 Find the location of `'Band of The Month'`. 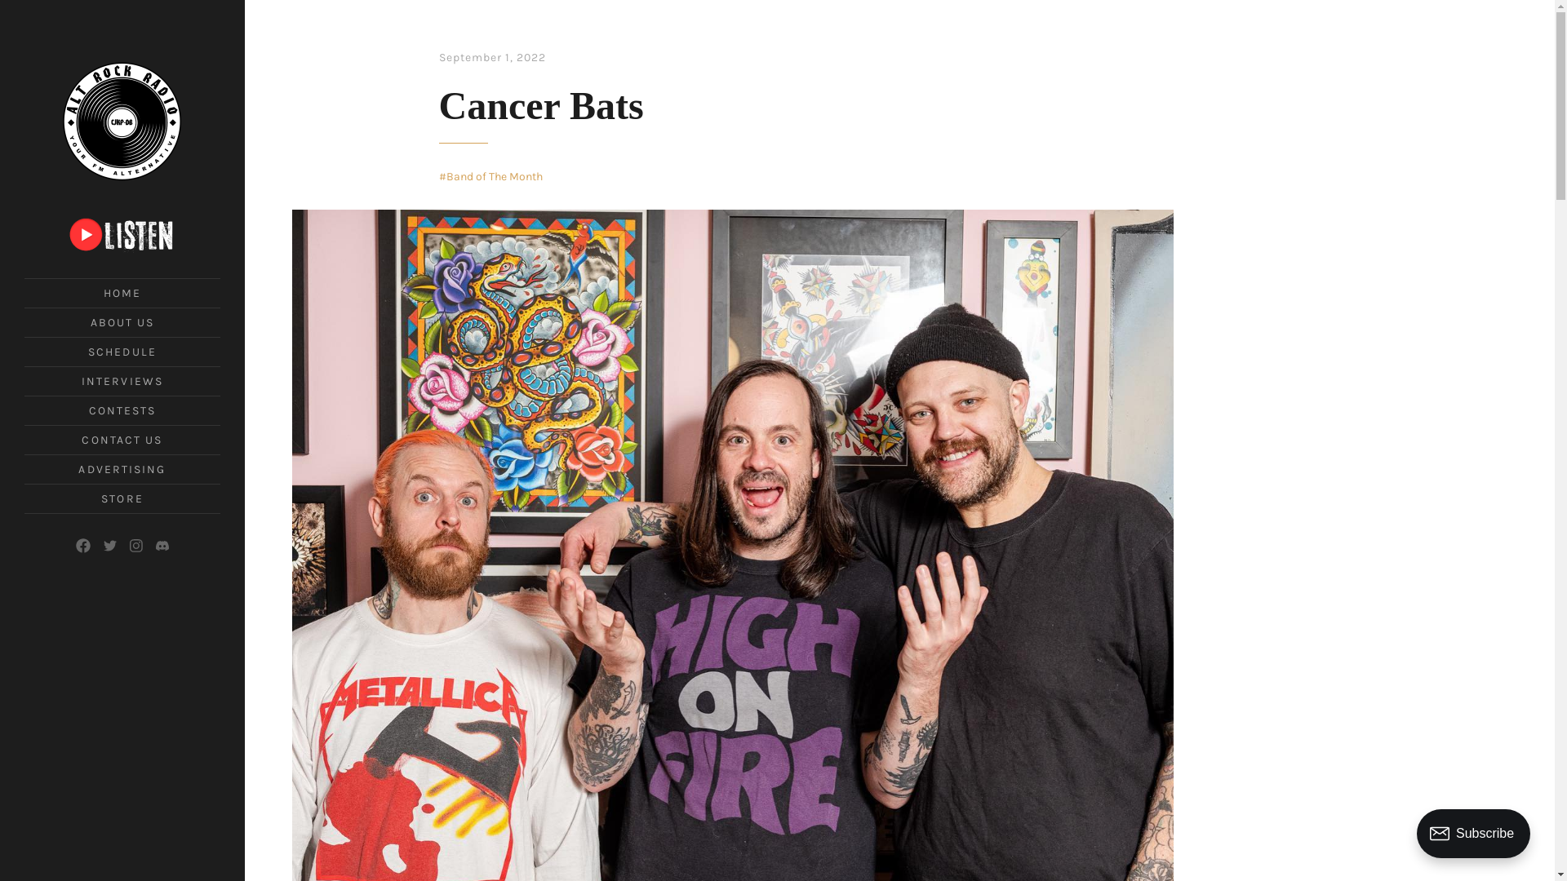

'Band of The Month' is located at coordinates (490, 176).